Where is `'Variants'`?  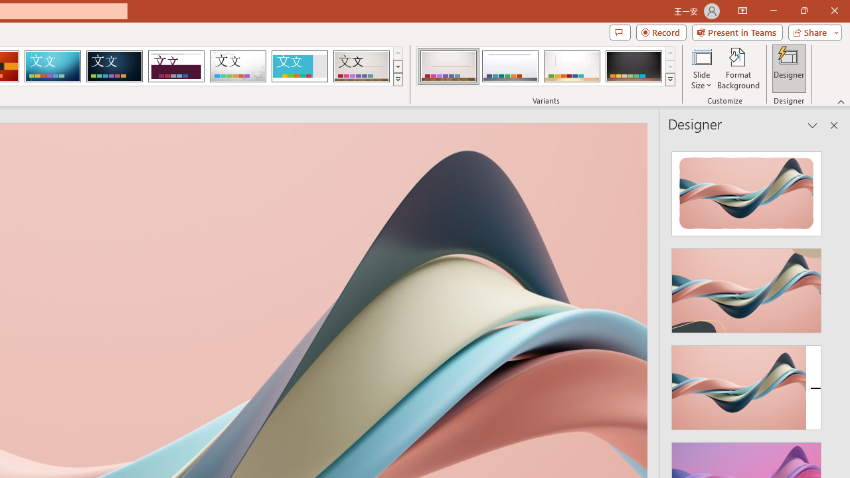
'Variants' is located at coordinates (670, 80).